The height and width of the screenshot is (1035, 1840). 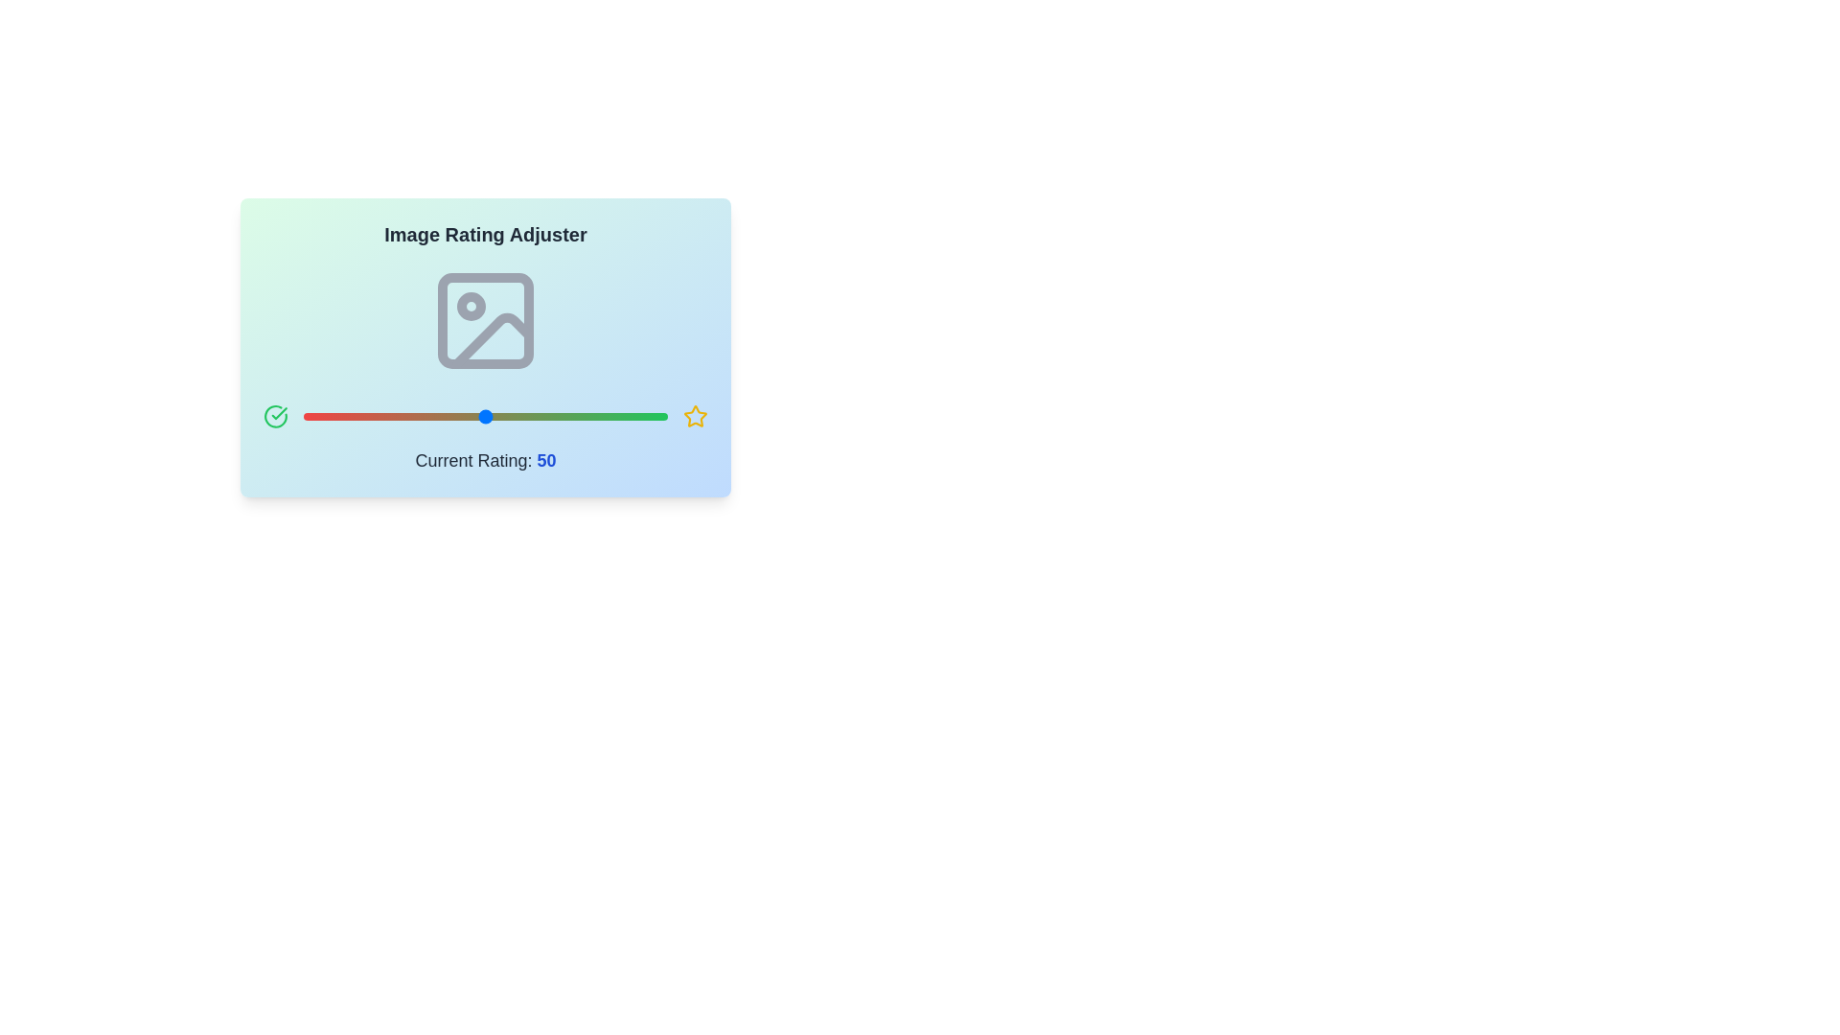 I want to click on the checkmark icon on the left of the slider, so click(x=275, y=416).